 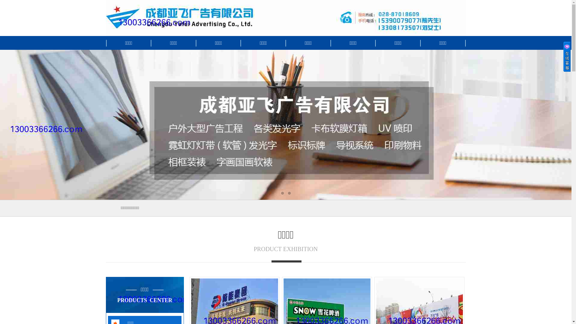 I want to click on '2', so click(x=289, y=193).